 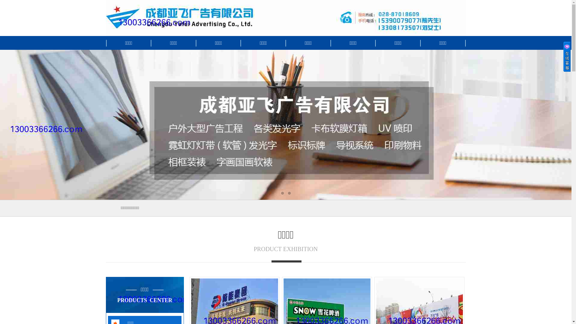 I want to click on '2', so click(x=289, y=193).